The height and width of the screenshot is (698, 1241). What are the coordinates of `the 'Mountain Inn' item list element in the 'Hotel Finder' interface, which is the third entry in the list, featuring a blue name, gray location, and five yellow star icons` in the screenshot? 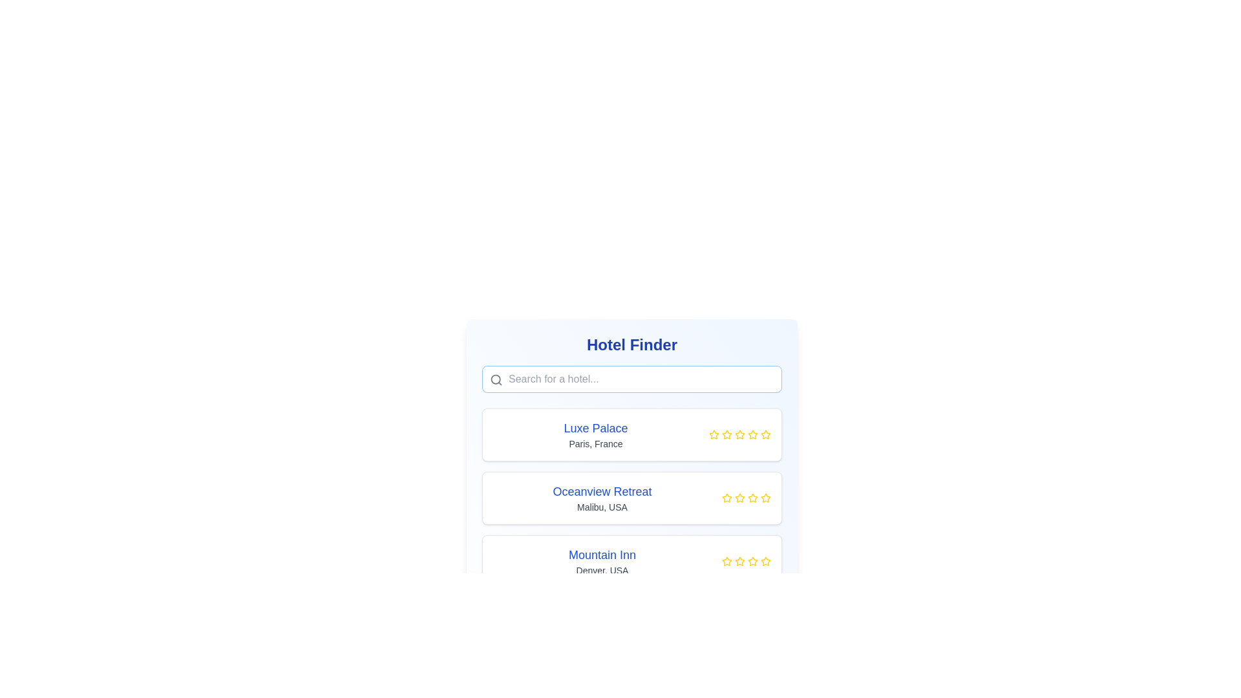 It's located at (632, 560).